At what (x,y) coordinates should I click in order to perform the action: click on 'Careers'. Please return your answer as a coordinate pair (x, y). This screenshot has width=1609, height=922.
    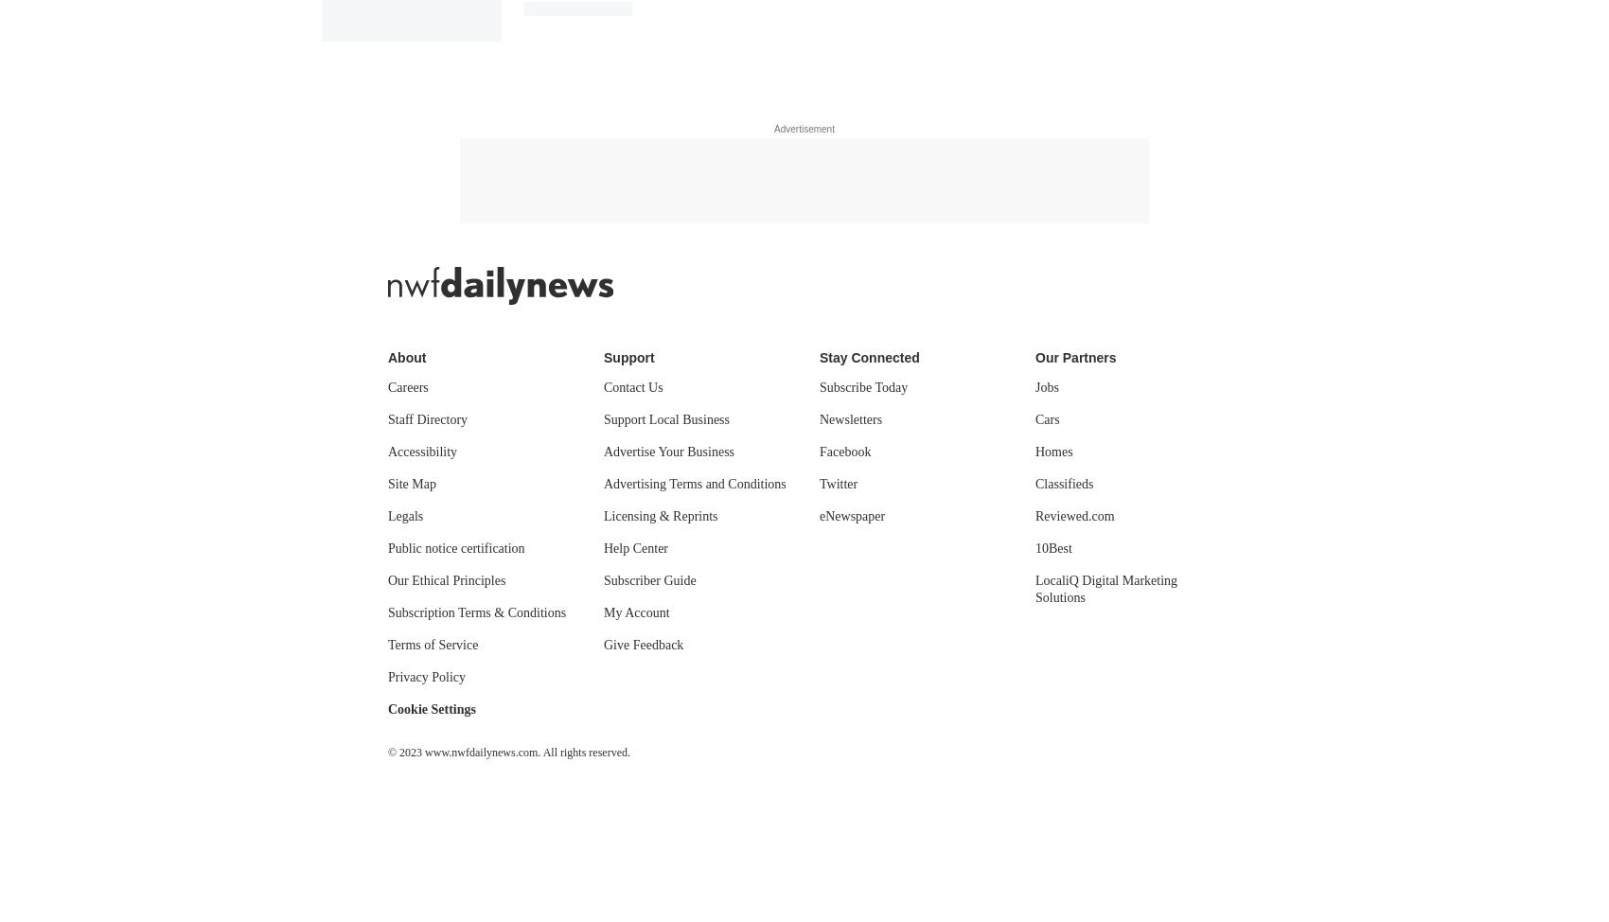
    Looking at the image, I should click on (387, 385).